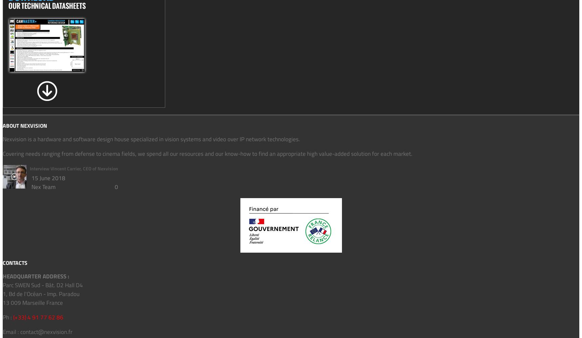 The image size is (582, 338). I want to click on '0', so click(116, 186).